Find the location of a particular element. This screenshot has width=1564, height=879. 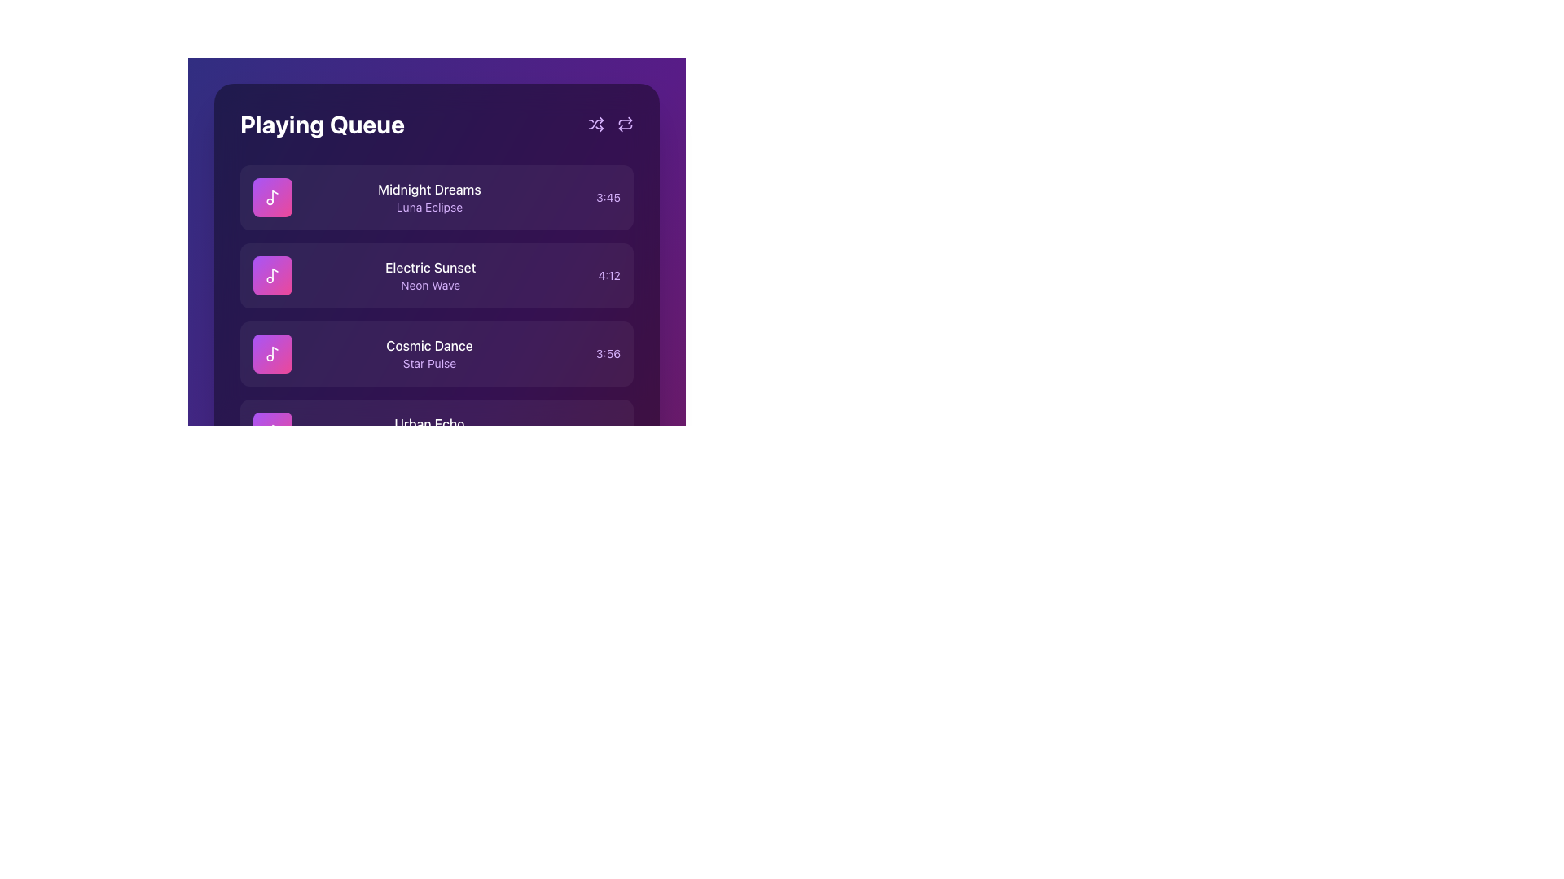

the song title displayed as 'Electric Sunset' in bold white font, located is located at coordinates (430, 266).